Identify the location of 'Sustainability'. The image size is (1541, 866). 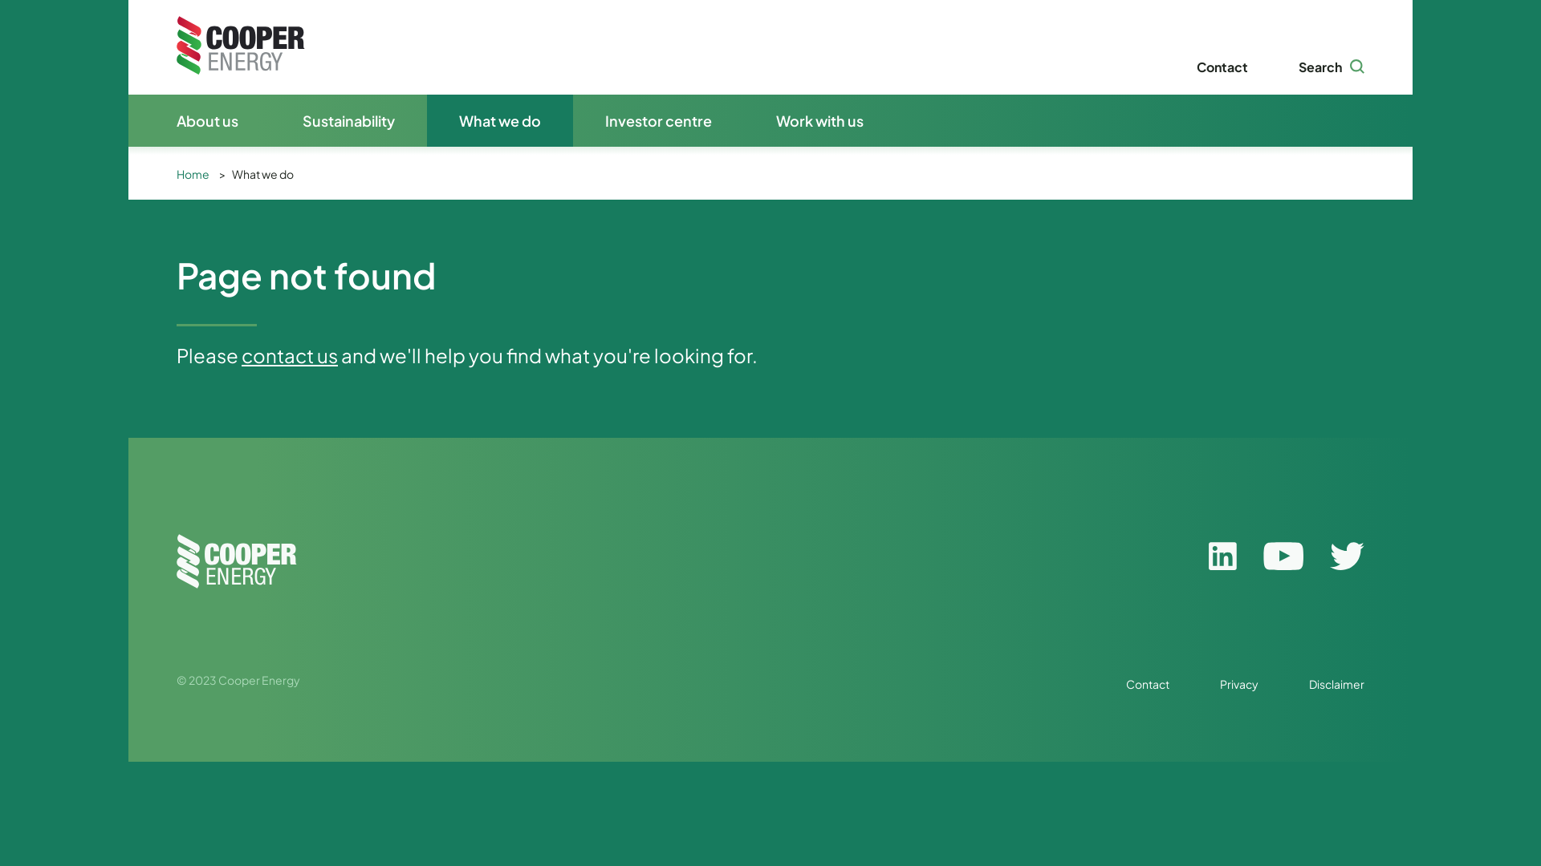
(270, 119).